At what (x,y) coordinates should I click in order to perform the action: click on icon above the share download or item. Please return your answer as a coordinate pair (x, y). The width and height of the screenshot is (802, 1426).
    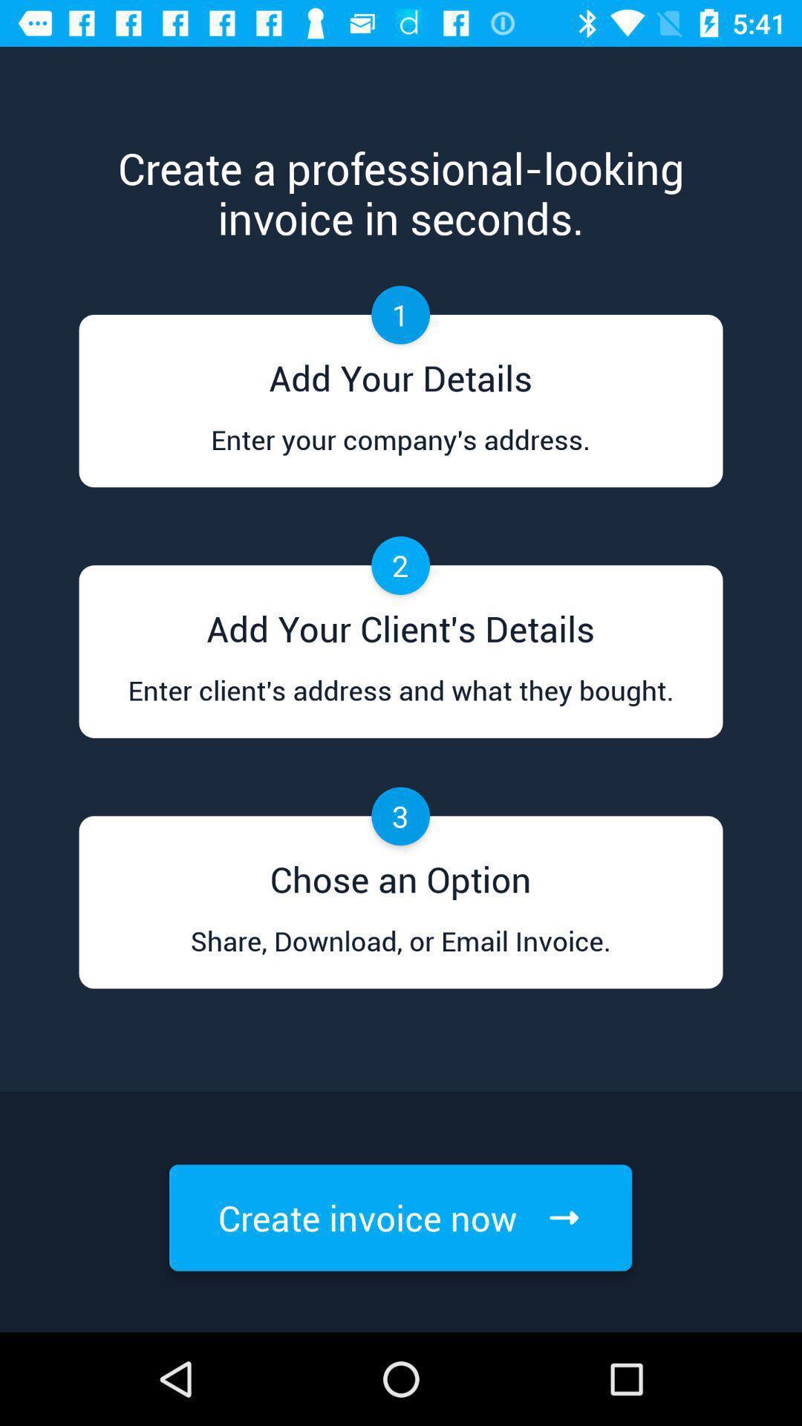
    Looking at the image, I should click on (400, 874).